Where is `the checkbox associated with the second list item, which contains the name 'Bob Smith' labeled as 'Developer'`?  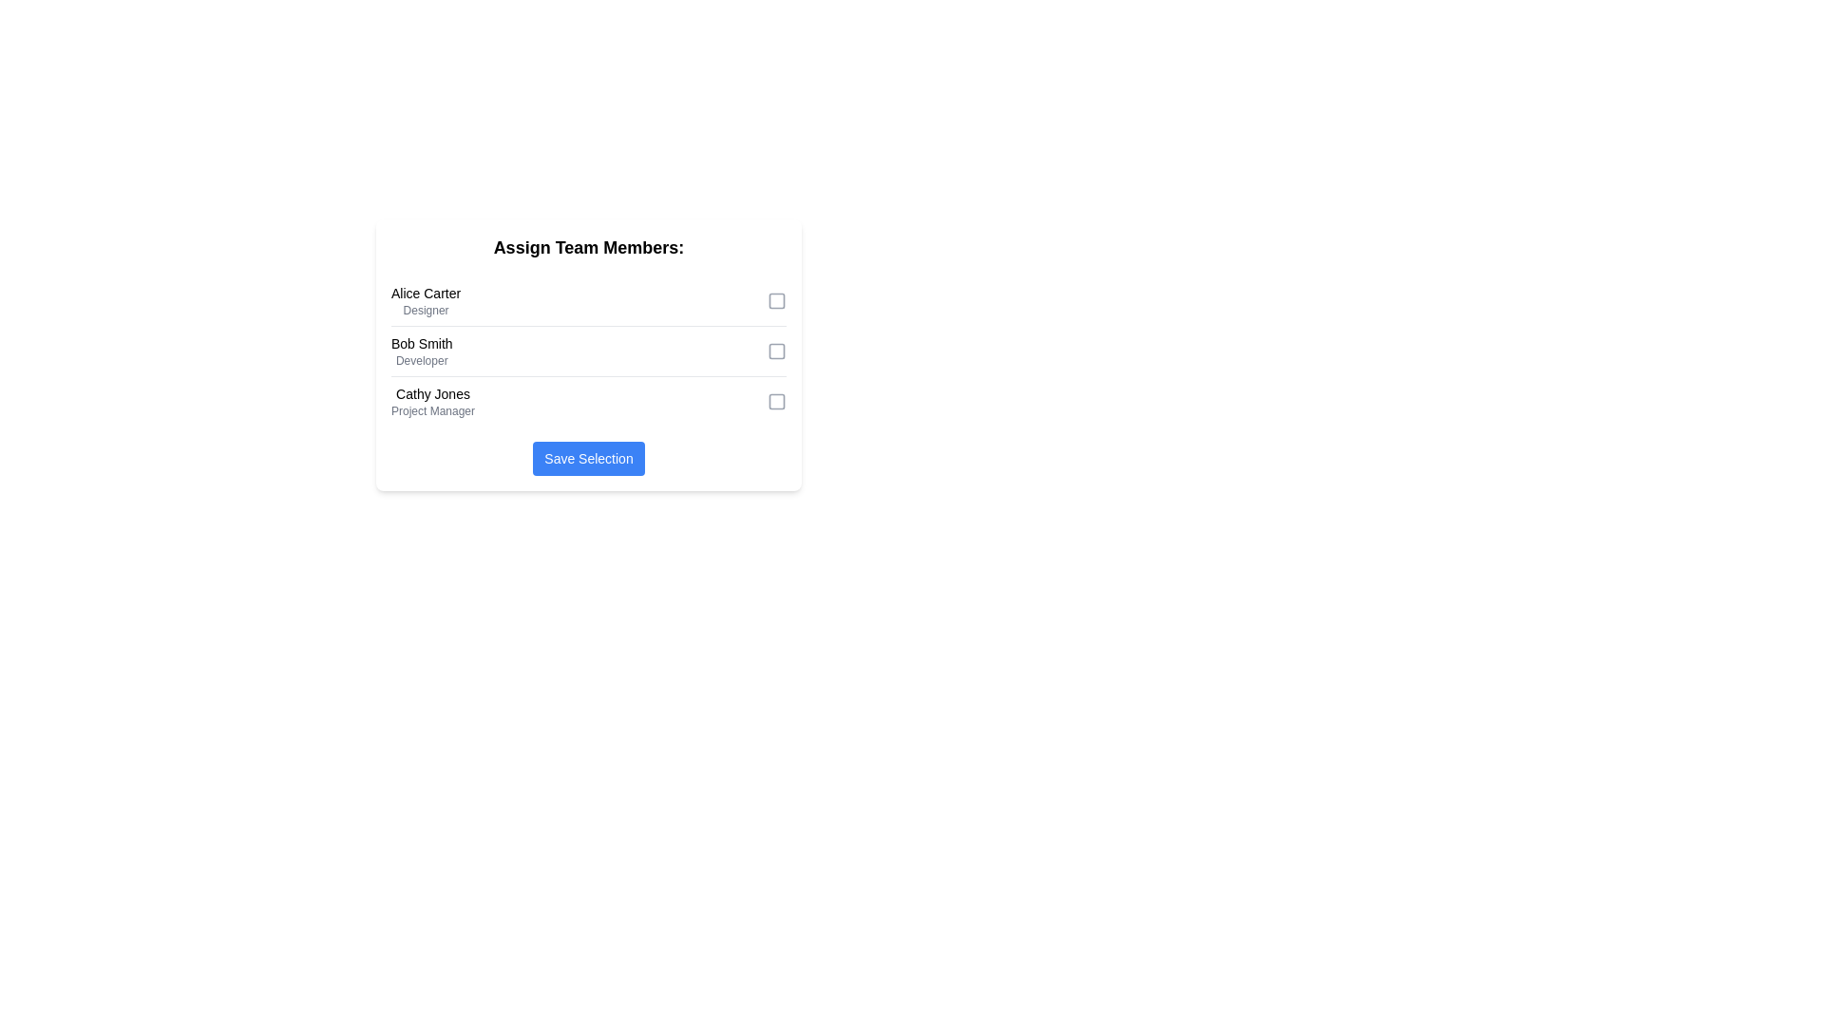 the checkbox associated with the second list item, which contains the name 'Bob Smith' labeled as 'Developer' is located at coordinates (587, 351).